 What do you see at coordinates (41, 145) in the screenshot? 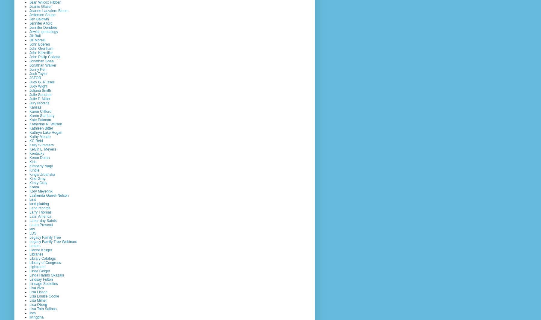
I see `'Kelly Summers'` at bounding box center [41, 145].